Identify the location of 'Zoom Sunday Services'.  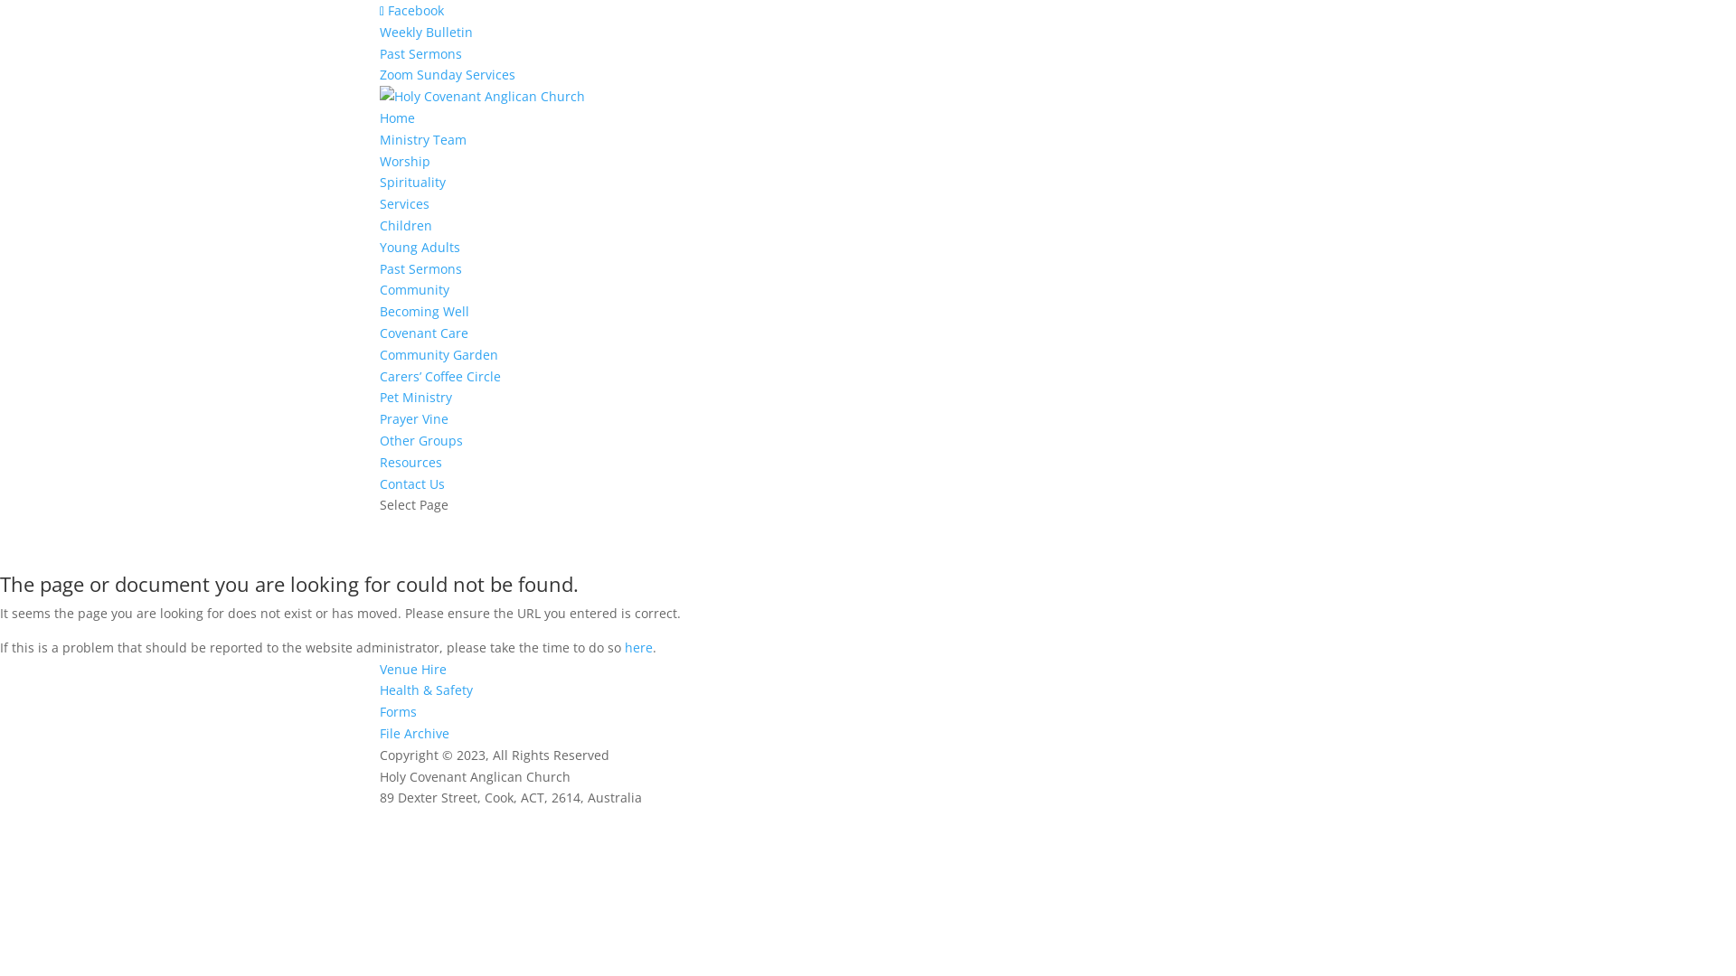
(447, 73).